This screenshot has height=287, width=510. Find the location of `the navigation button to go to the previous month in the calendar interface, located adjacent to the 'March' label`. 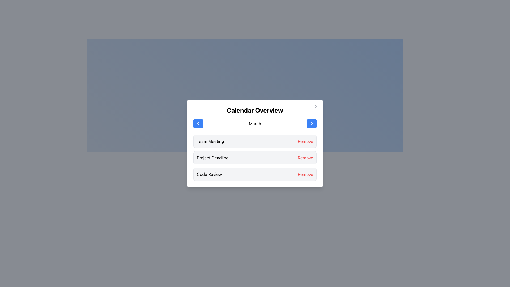

the navigation button to go to the previous month in the calendar interface, located adjacent to the 'March' label is located at coordinates (198, 124).